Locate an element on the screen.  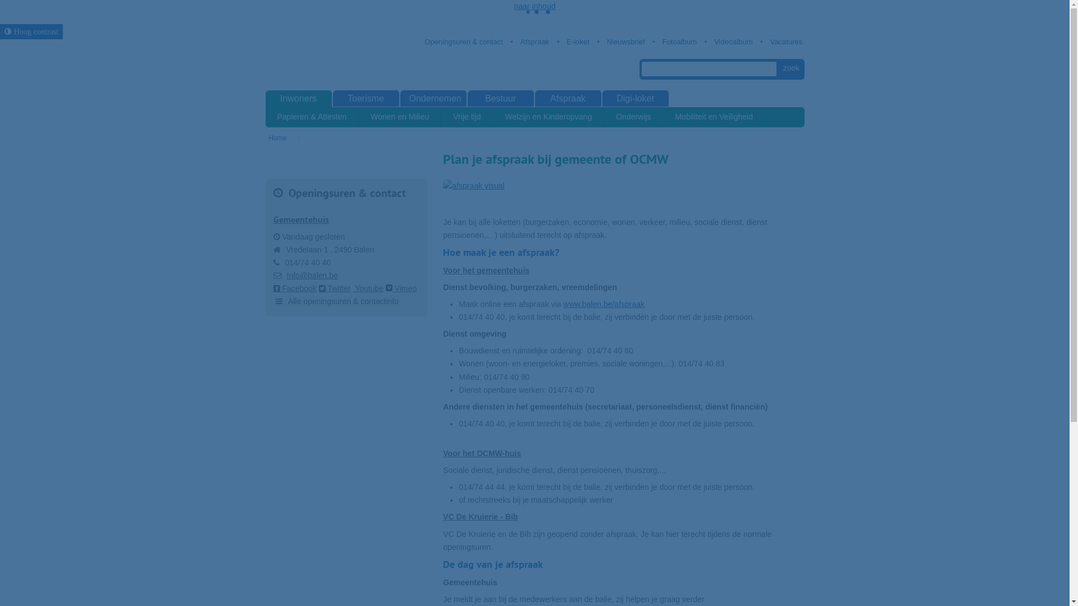
'E-loket' is located at coordinates (555, 41).